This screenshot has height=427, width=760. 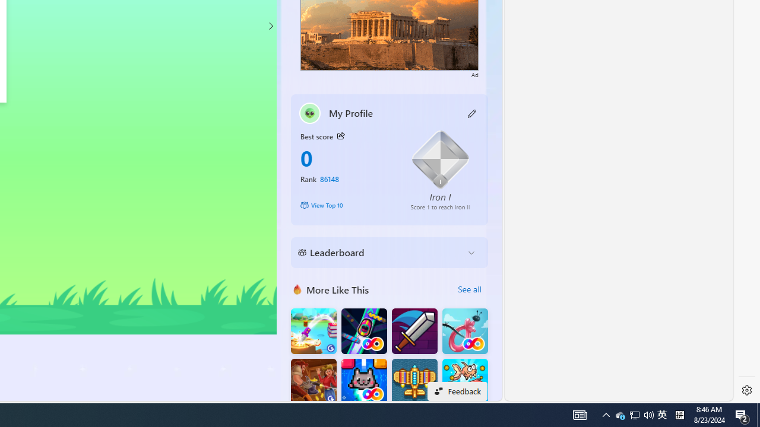 I want to click on 'Class: button edit-icon', so click(x=472, y=113).